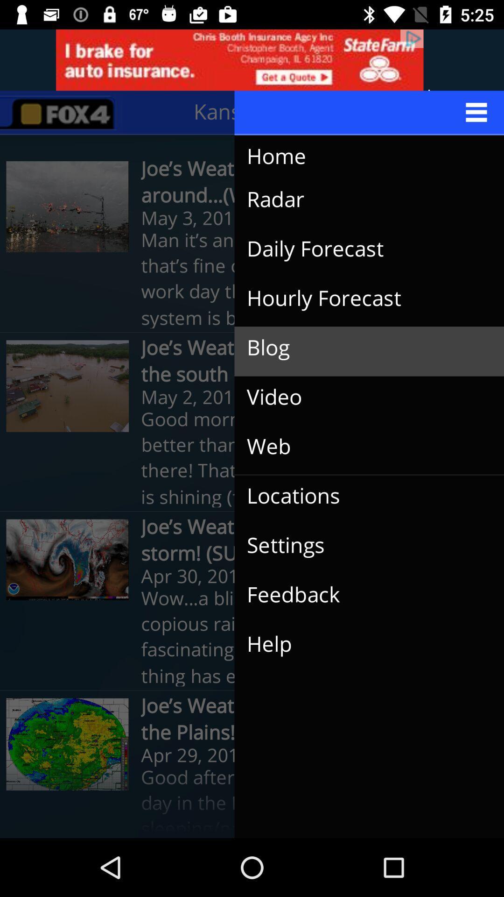 The image size is (504, 897). What do you see at coordinates (288, 112) in the screenshot?
I see `kansas city, mo icon` at bounding box center [288, 112].